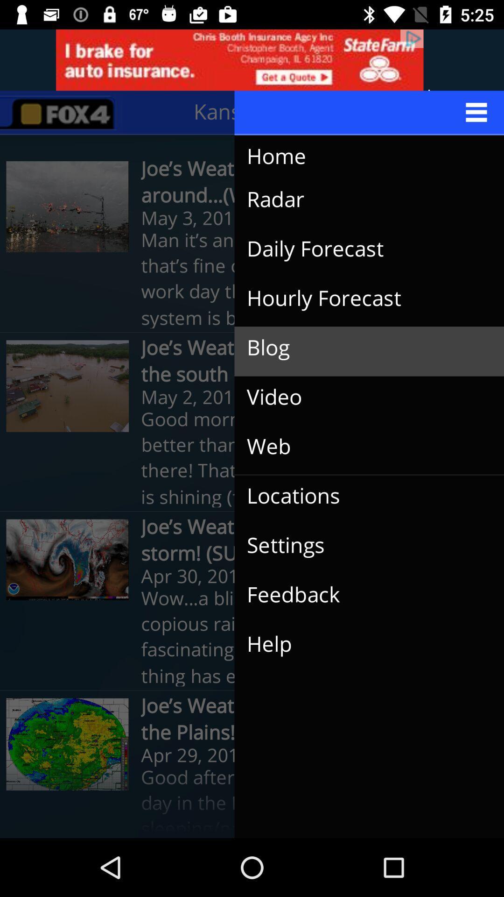 The image size is (504, 897). What do you see at coordinates (288, 112) in the screenshot?
I see `kansas city, mo icon` at bounding box center [288, 112].